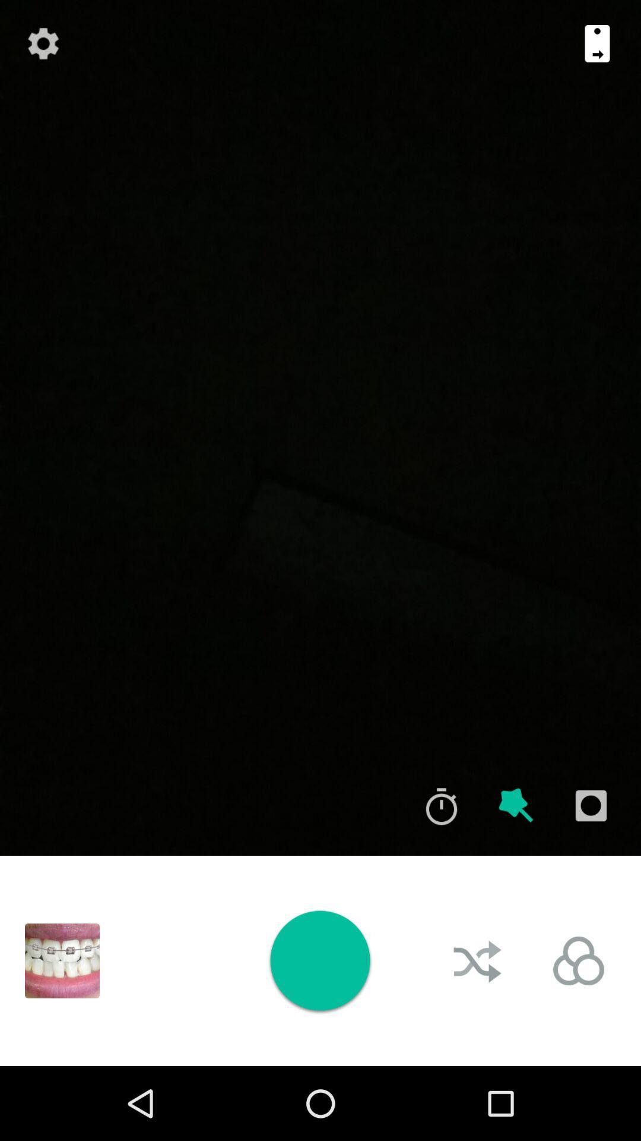 Image resolution: width=641 pixels, height=1141 pixels. I want to click on icon at the bottom, so click(319, 960).